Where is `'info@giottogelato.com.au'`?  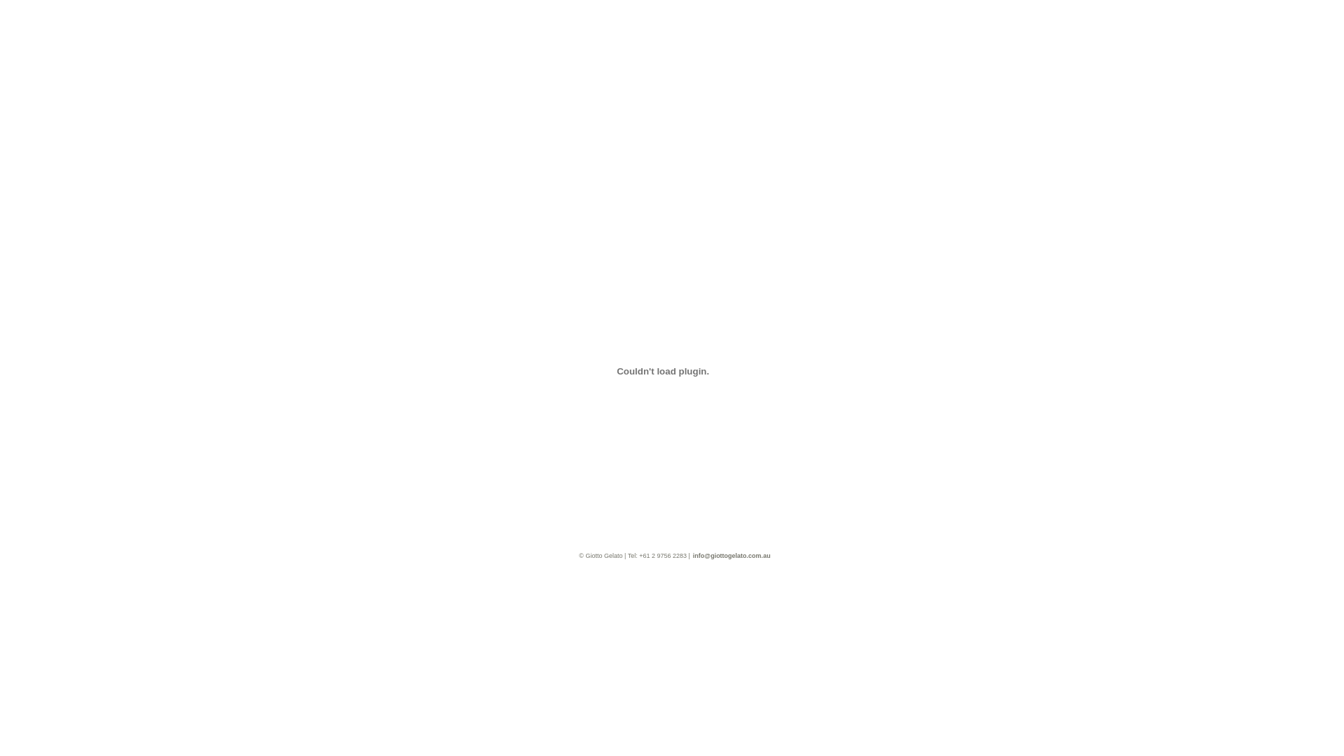 'info@giottogelato.com.au' is located at coordinates (731, 554).